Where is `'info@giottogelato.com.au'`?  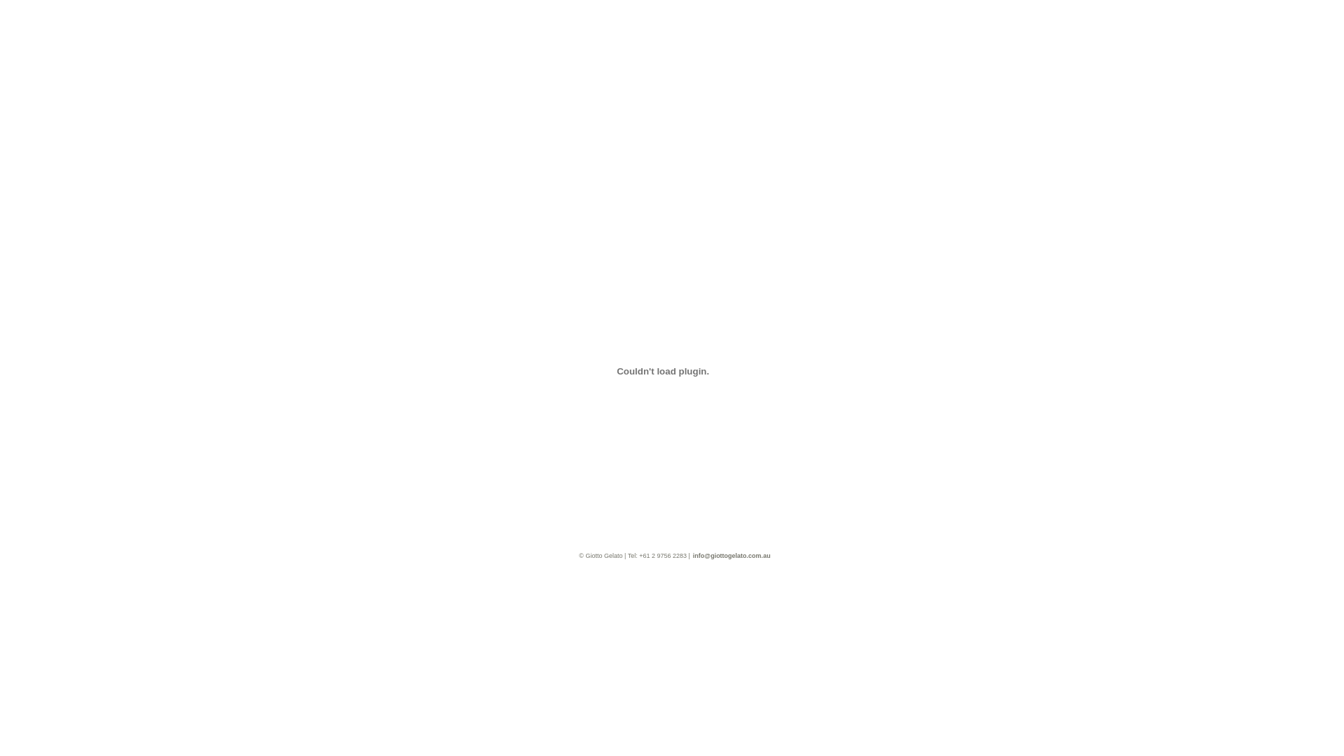 'info@giottogelato.com.au' is located at coordinates (731, 554).